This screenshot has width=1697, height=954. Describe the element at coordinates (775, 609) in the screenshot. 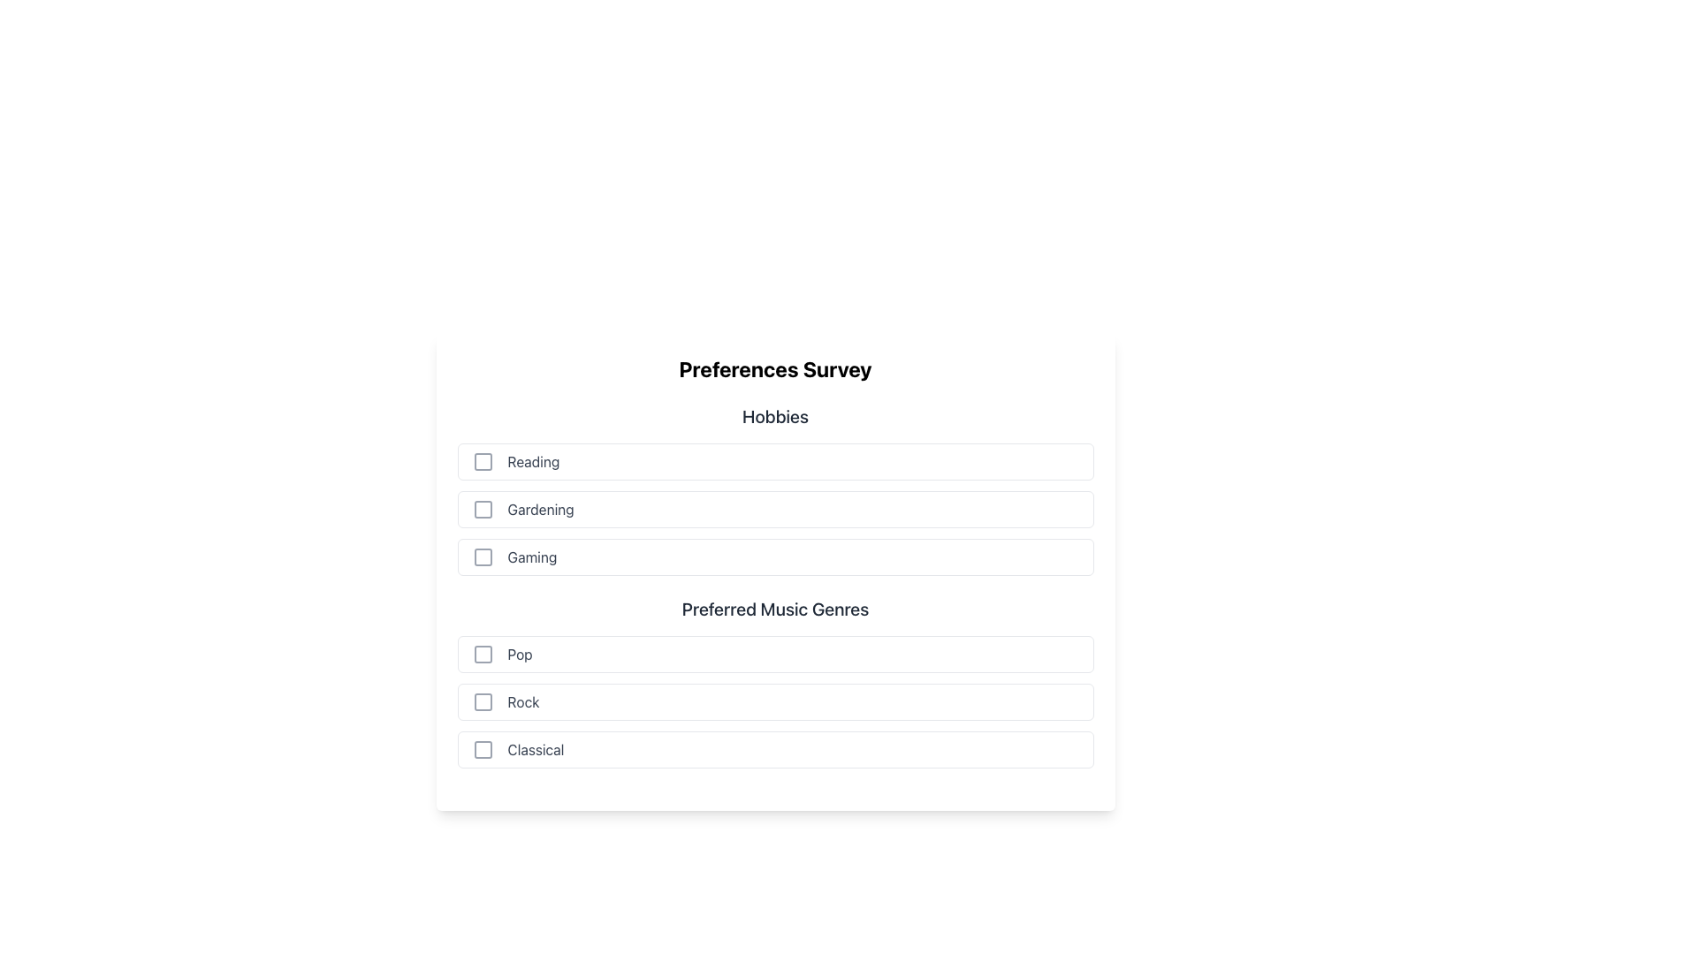

I see `the Text Label that serves as a section title, located vertically centered on the page, between a list of hobbies and a section for music genres` at that location.